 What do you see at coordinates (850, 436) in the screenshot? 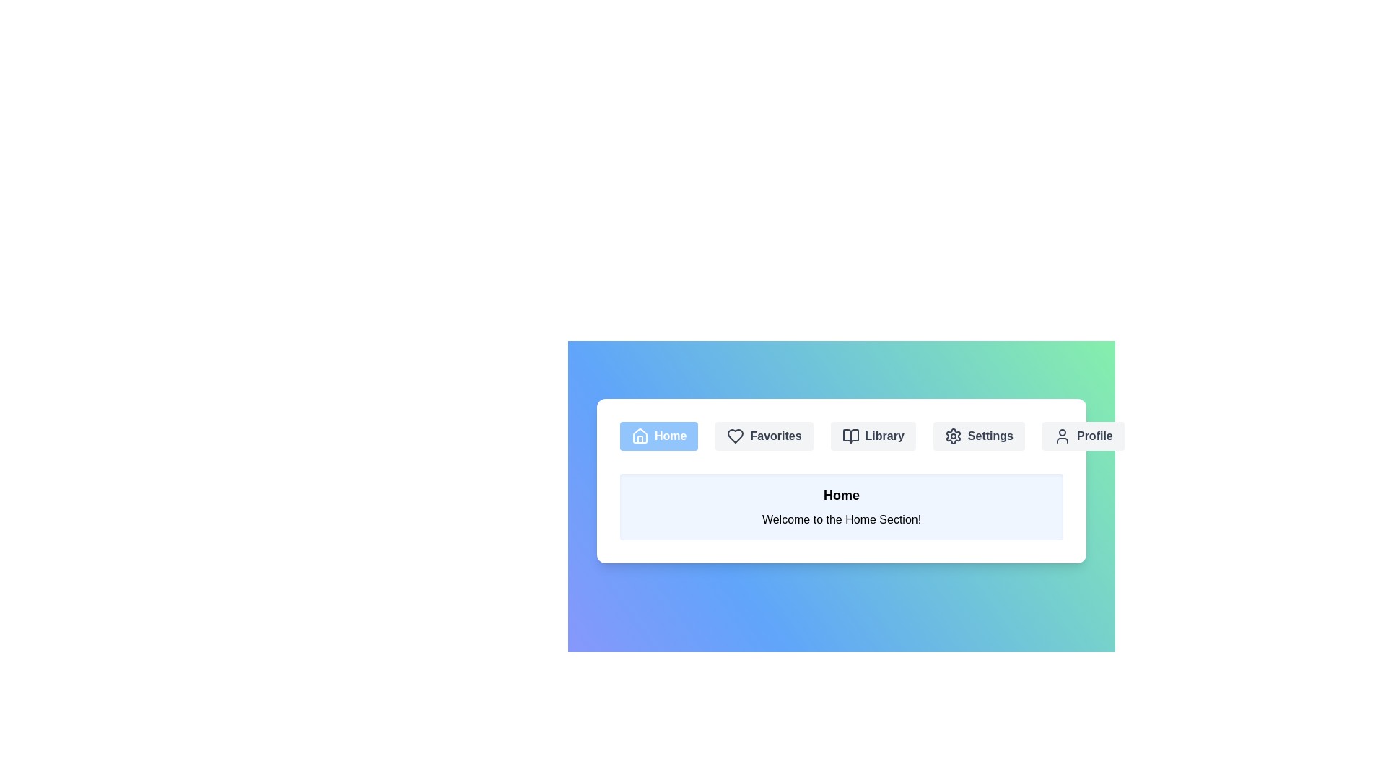
I see `the 'Library' navigation icon, which is the first graphic on the left within the 'Library' button, centrally located in the navigation bar` at bounding box center [850, 436].